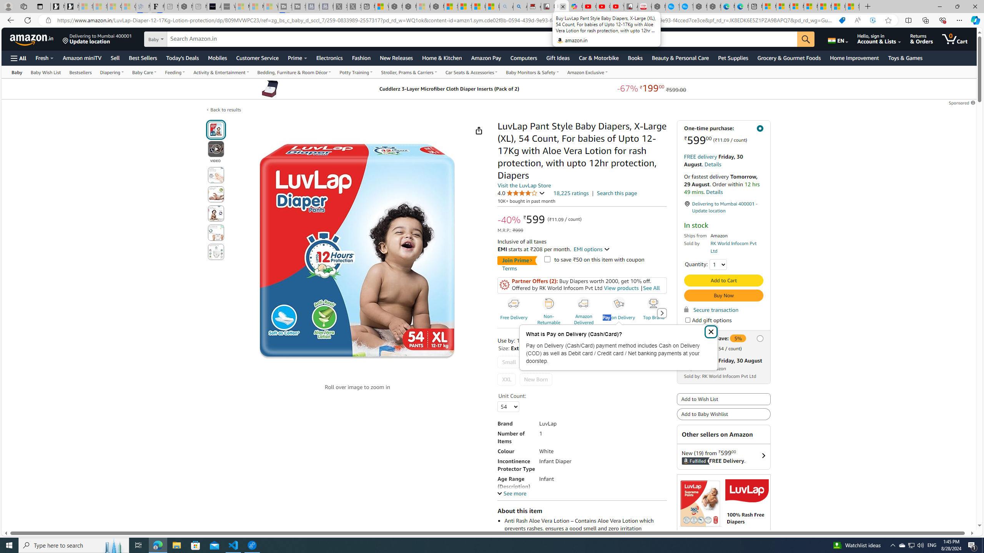 Image resolution: width=984 pixels, height=553 pixels. What do you see at coordinates (228, 6) in the screenshot?
I see `'What'` at bounding box center [228, 6].